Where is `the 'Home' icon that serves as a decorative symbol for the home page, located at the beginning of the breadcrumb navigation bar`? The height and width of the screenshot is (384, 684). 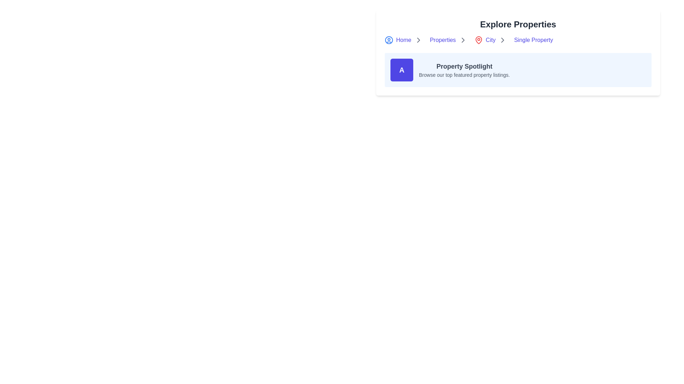
the 'Home' icon that serves as a decorative symbol for the home page, located at the beginning of the breadcrumb navigation bar is located at coordinates (390, 40).